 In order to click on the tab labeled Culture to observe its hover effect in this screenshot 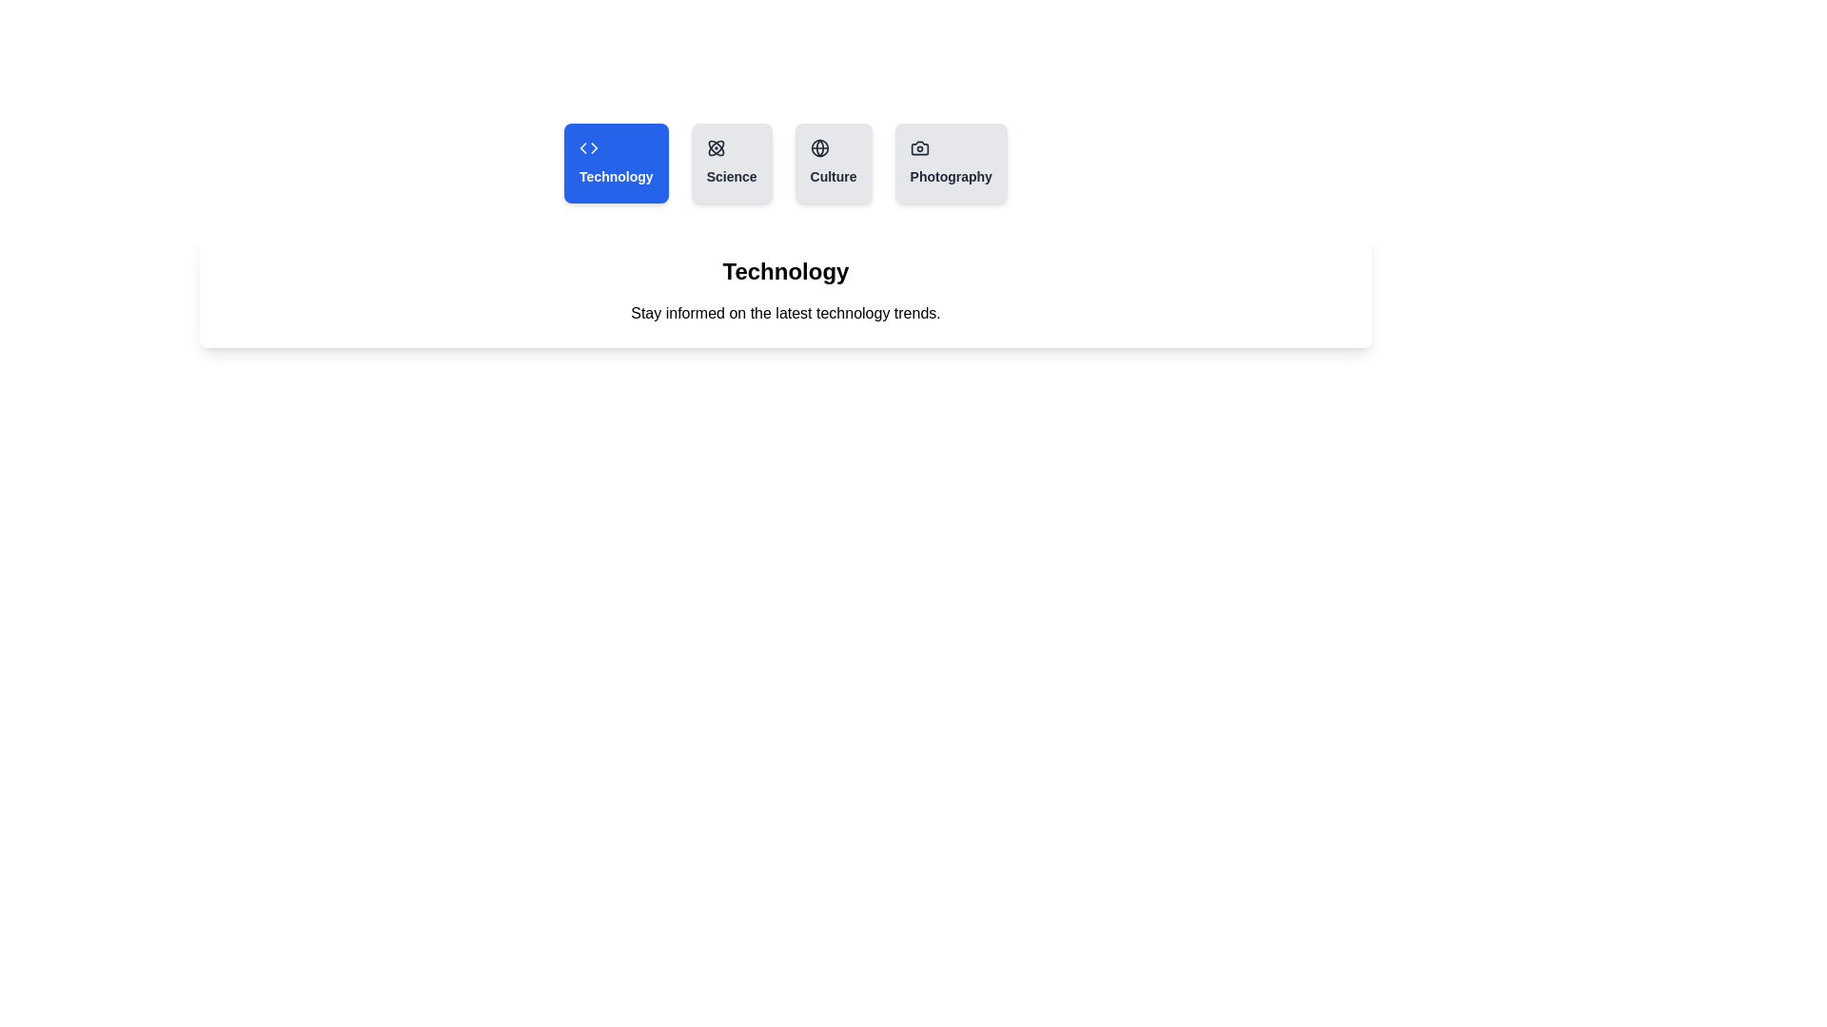, I will do `click(834, 163)`.